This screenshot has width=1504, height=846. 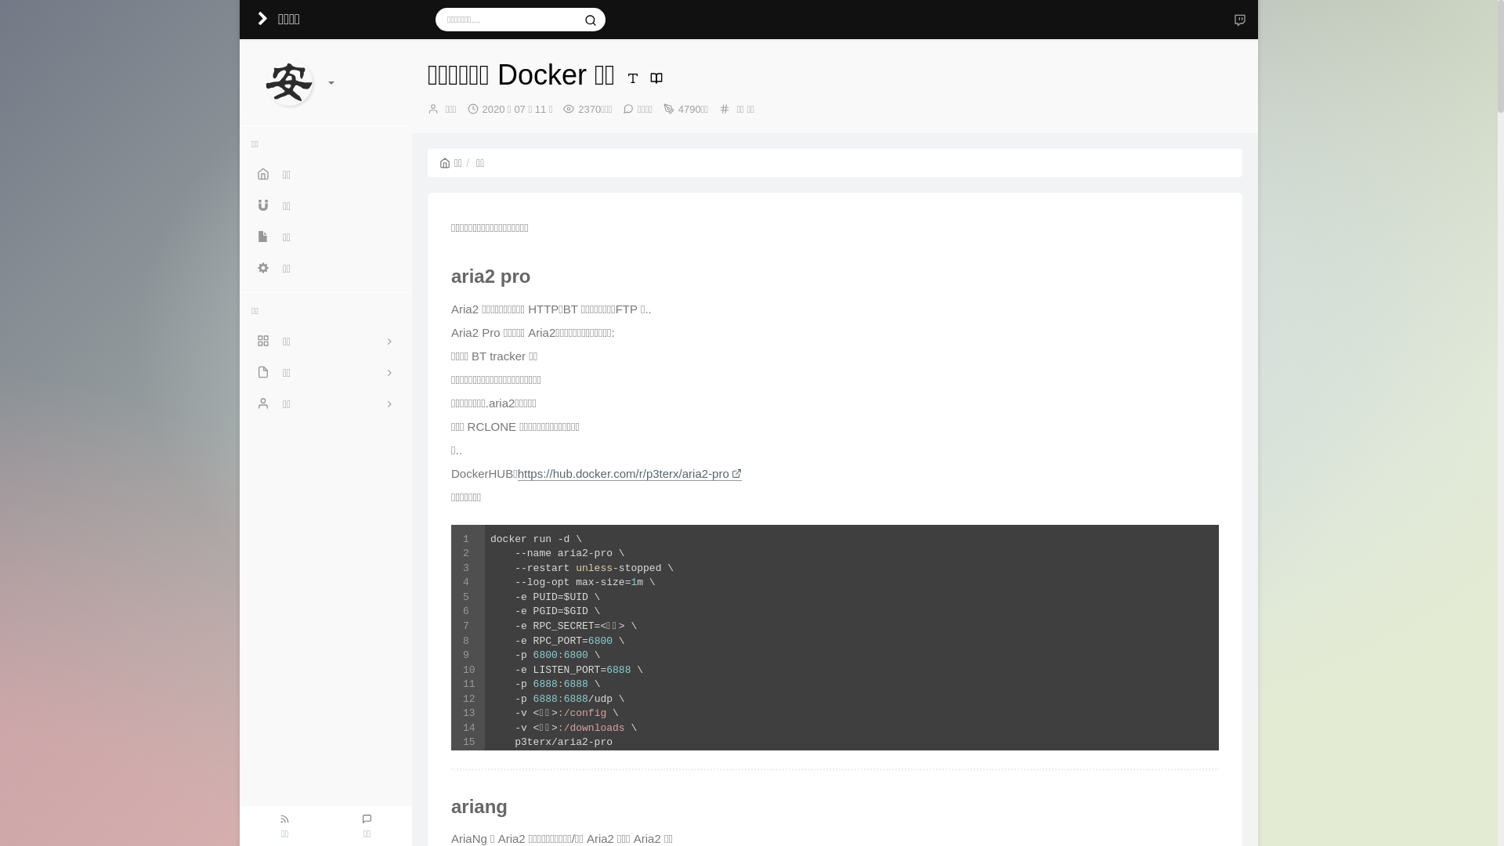 What do you see at coordinates (630, 473) in the screenshot?
I see `'https://hub.docker.com/r/p3terx/aria2-pro'` at bounding box center [630, 473].